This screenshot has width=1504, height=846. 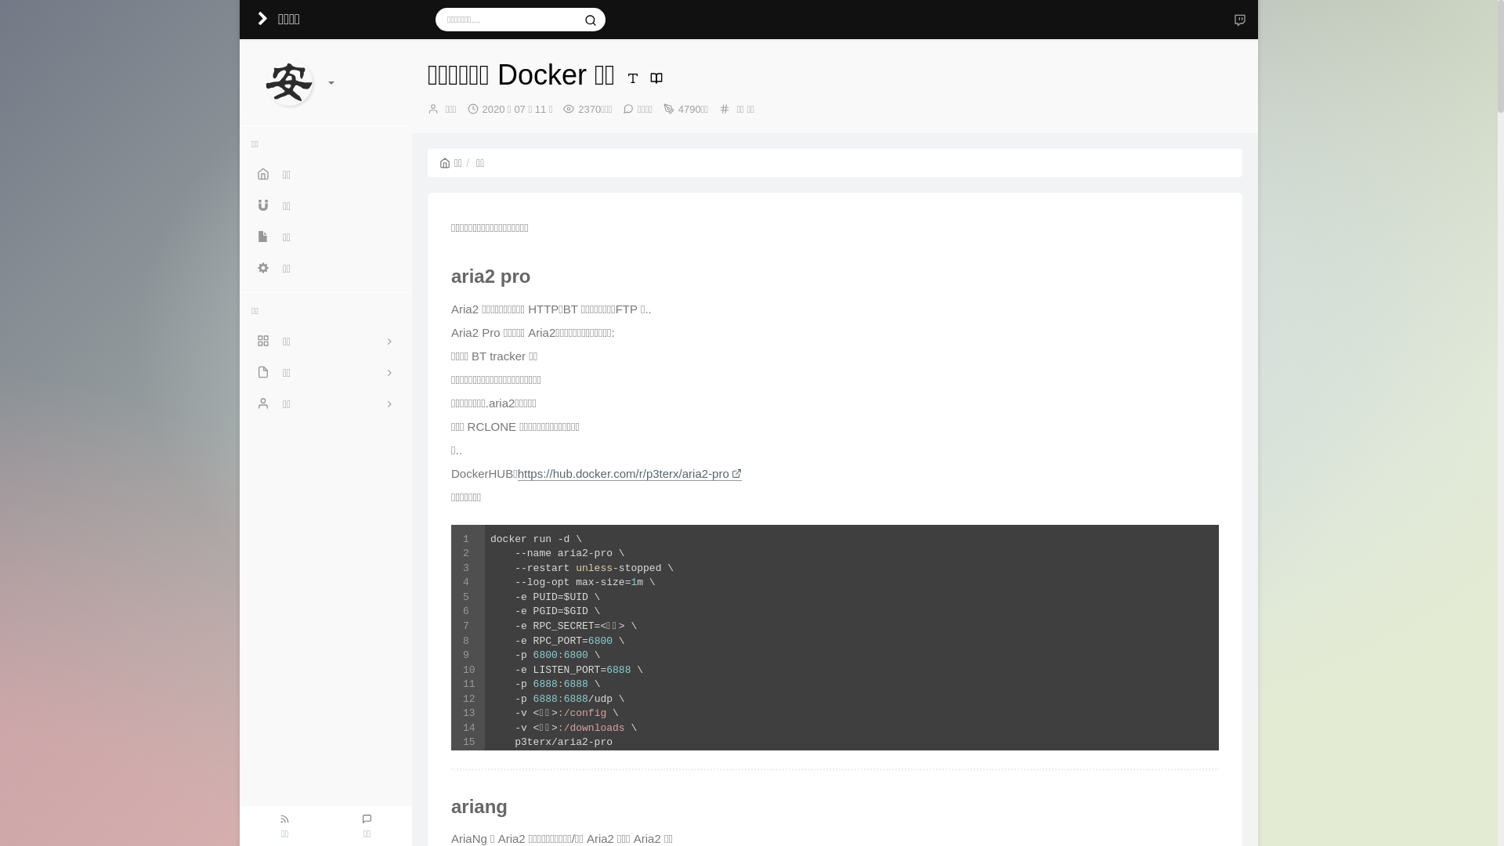 What do you see at coordinates (630, 473) in the screenshot?
I see `'https://hub.docker.com/r/p3terx/aria2-pro'` at bounding box center [630, 473].